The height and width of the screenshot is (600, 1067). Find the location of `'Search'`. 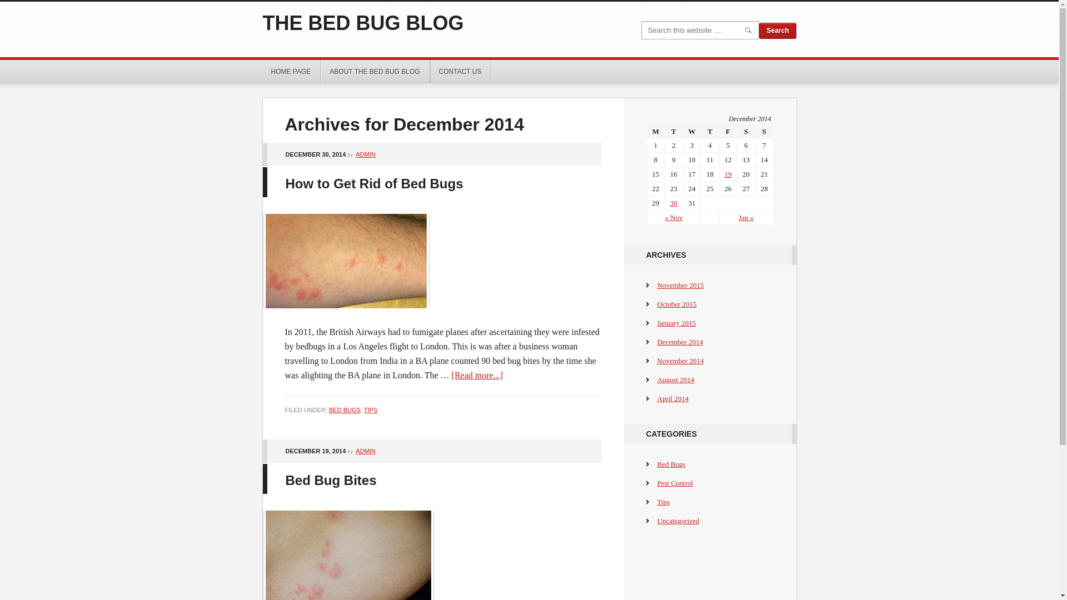

'Search' is located at coordinates (776, 30).